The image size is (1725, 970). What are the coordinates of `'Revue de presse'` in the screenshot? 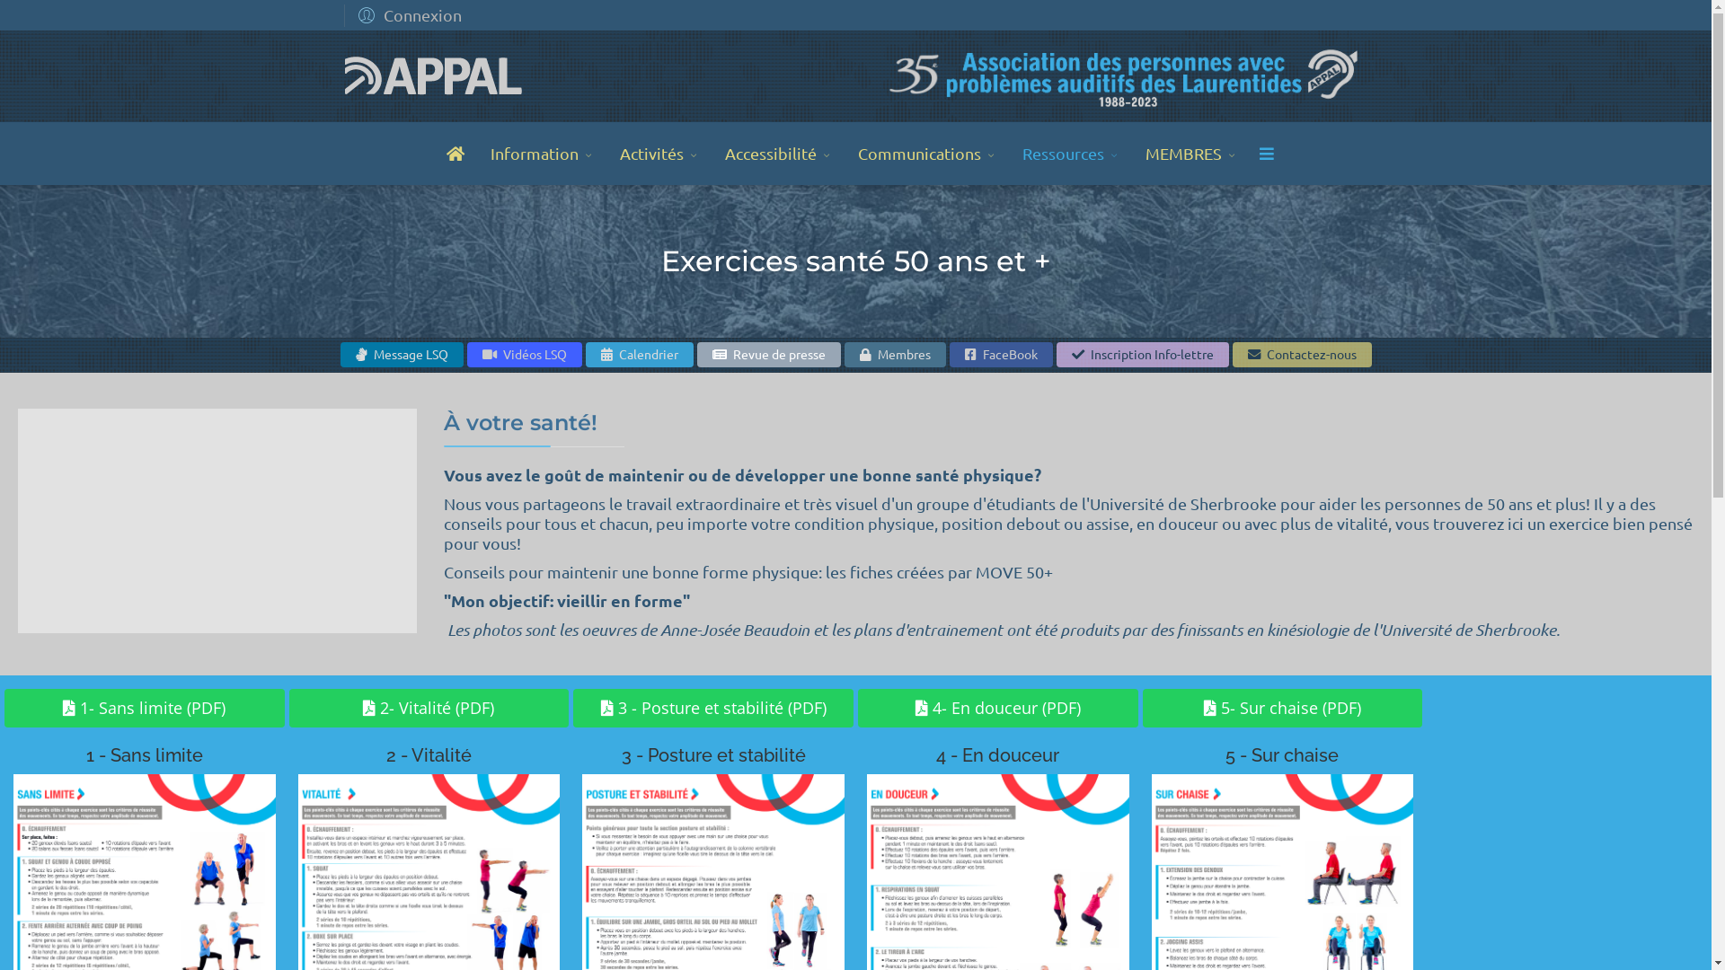 It's located at (768, 354).